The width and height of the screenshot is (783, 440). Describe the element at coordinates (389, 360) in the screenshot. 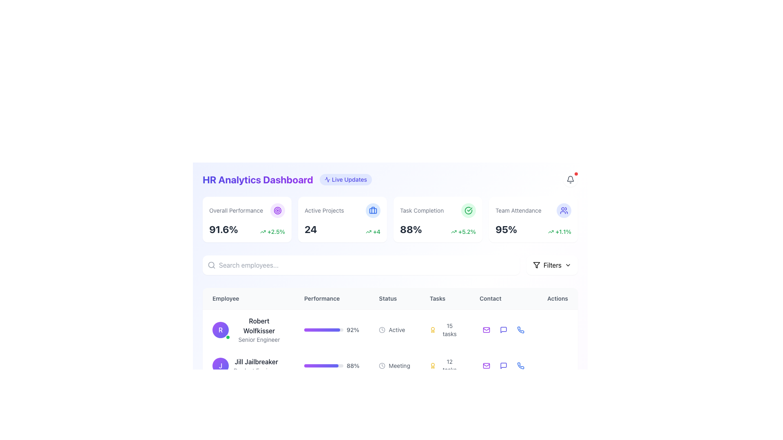

I see `the second row in the user summary table for 'Jill Jailbreaker' to focus on the details` at that location.